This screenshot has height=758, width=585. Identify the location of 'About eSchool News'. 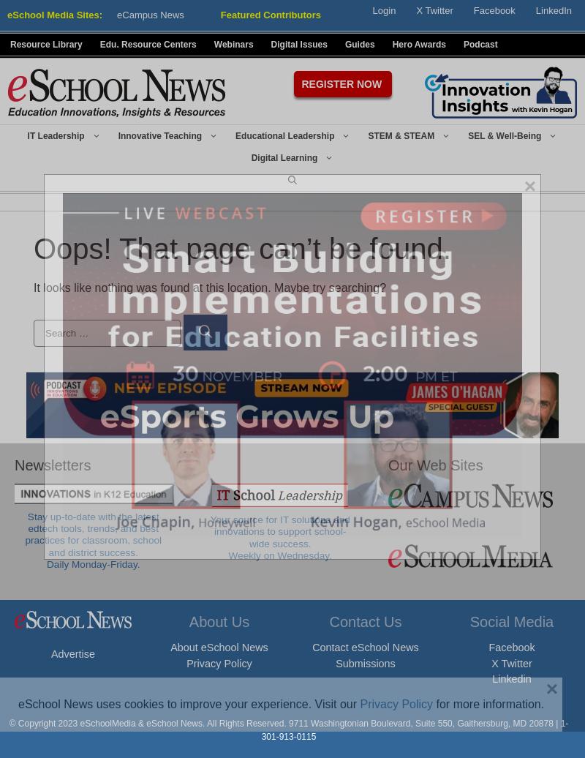
(219, 647).